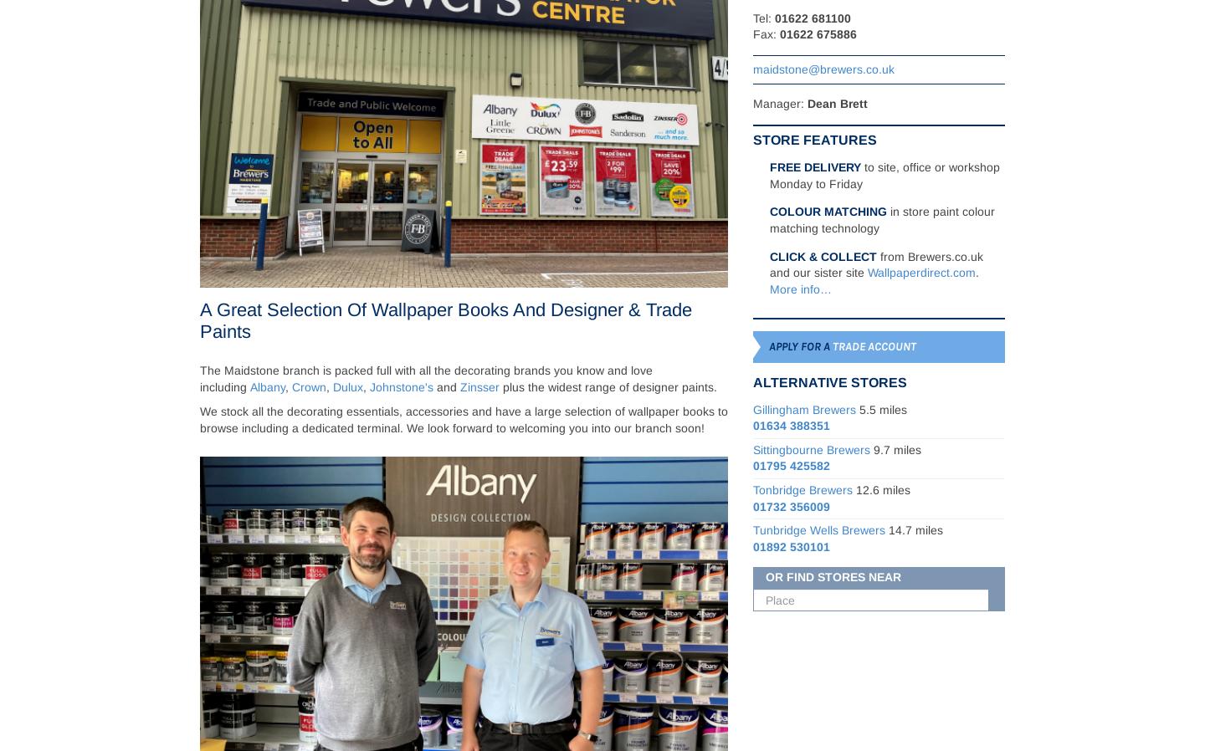 Image resolution: width=1205 pixels, height=751 pixels. What do you see at coordinates (799, 345) in the screenshot?
I see `'Apply for a'` at bounding box center [799, 345].